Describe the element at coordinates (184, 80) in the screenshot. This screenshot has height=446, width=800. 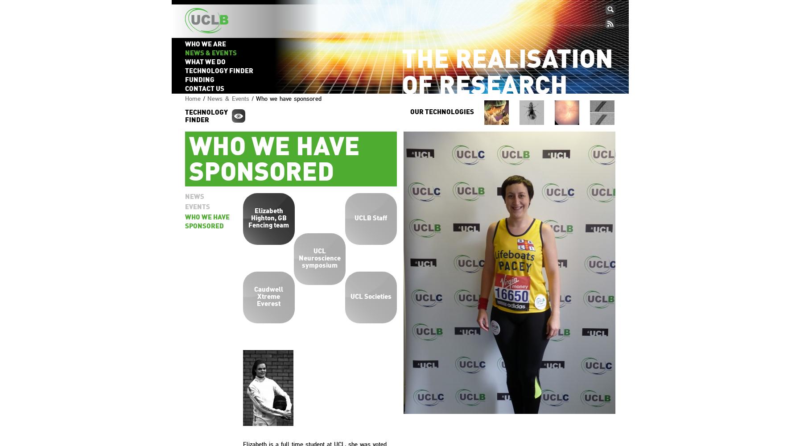
I see `'Funding'` at that location.